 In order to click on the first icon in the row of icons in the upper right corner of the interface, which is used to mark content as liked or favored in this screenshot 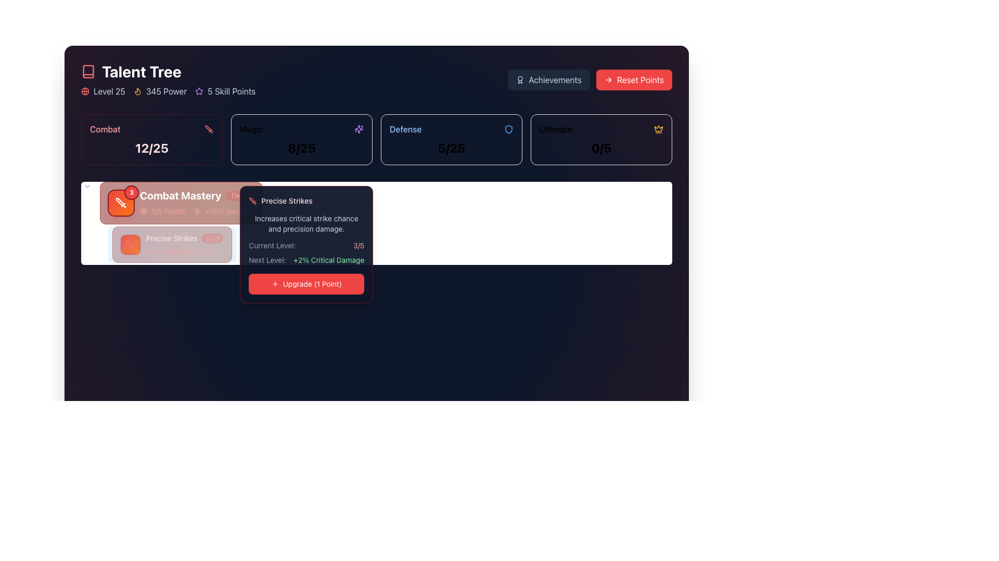, I will do `click(619, 166)`.